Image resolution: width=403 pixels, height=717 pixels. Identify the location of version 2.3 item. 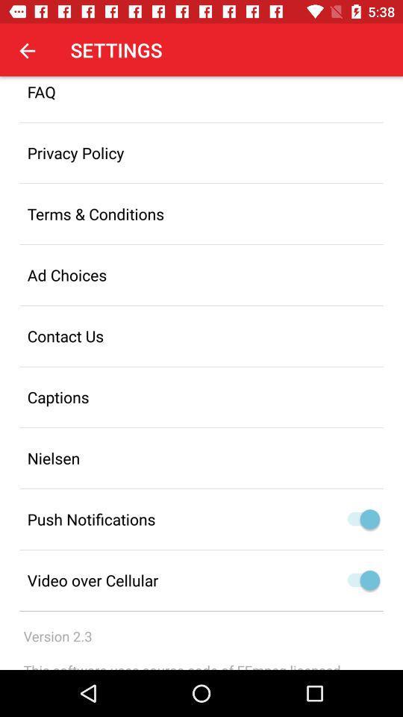
(57, 636).